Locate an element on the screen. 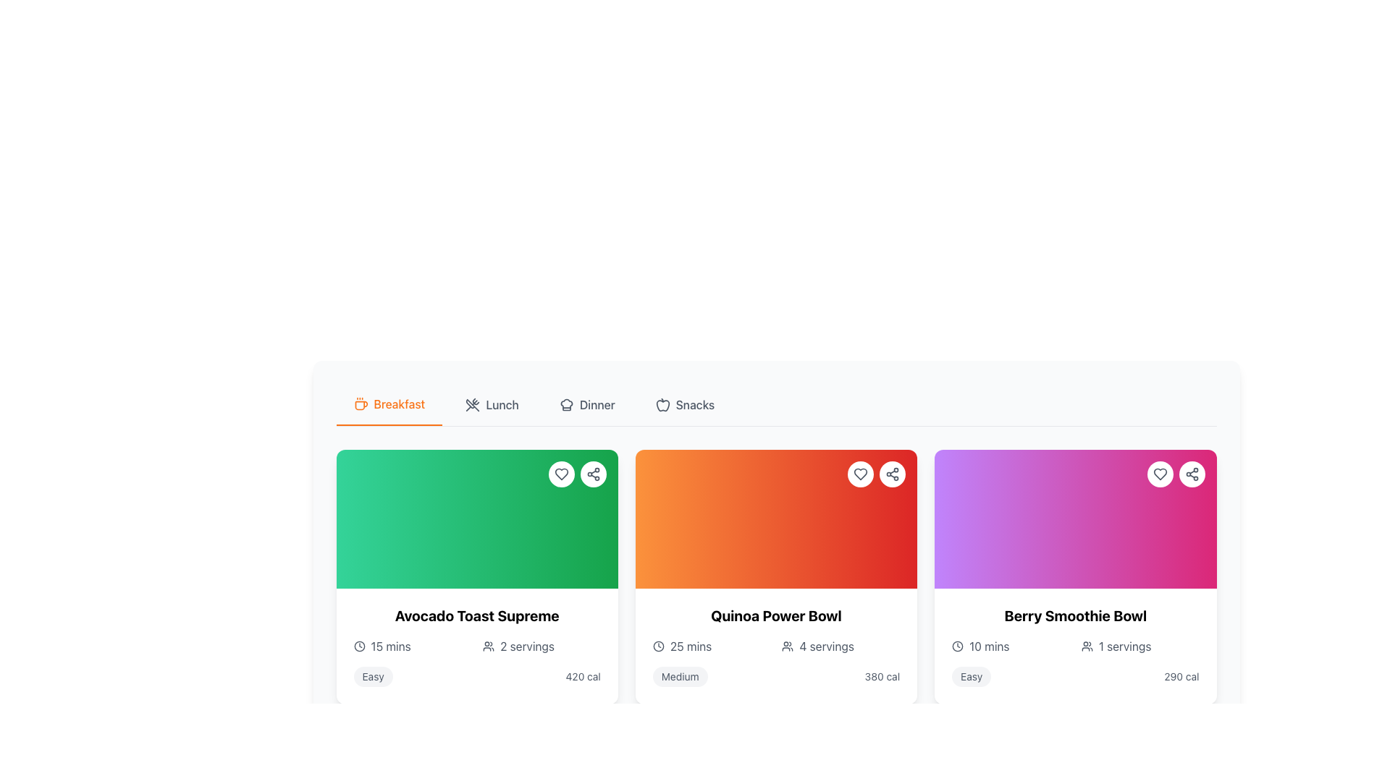  informational display containing metadata about the 'Berry Smoothie Bowl' recipe, located centrally below the title within the card is located at coordinates (1075, 646).